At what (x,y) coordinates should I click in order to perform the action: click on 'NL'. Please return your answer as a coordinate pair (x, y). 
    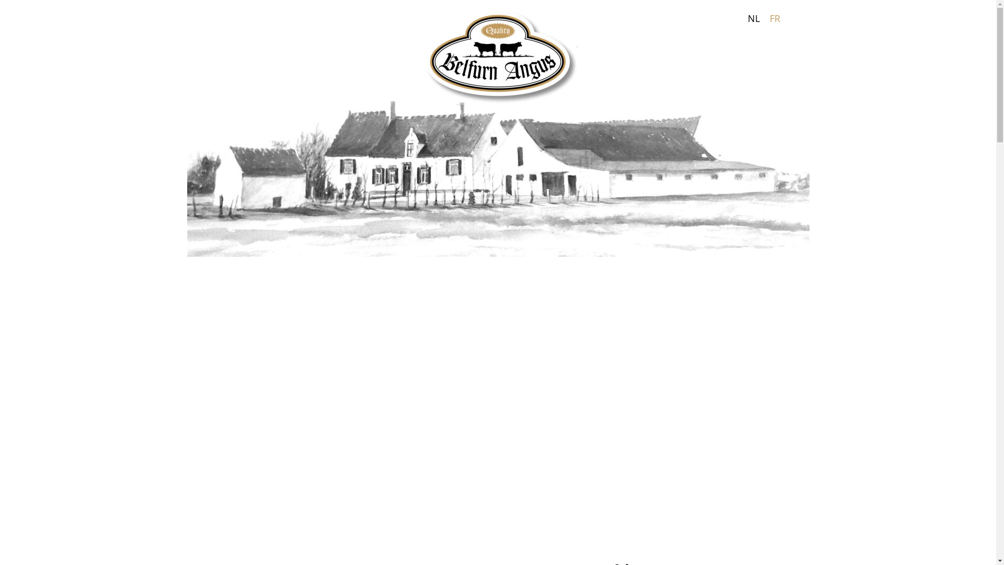
    Looking at the image, I should click on (754, 18).